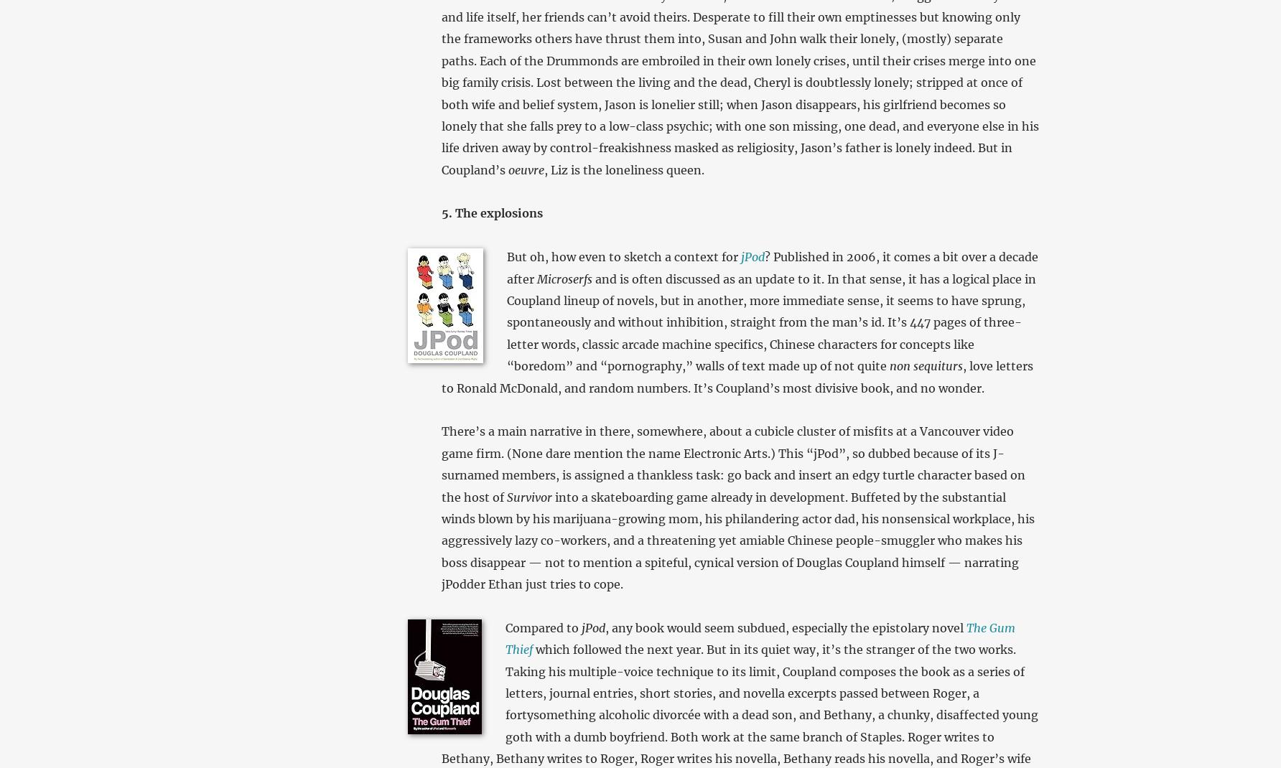  I want to click on 'Survivor', so click(506, 496).